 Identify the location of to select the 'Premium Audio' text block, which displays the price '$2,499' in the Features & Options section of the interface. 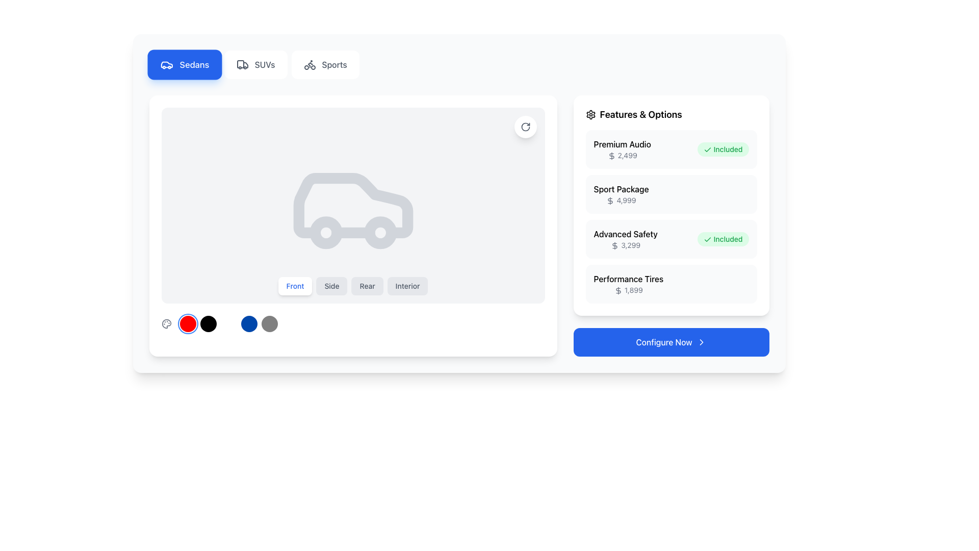
(622, 149).